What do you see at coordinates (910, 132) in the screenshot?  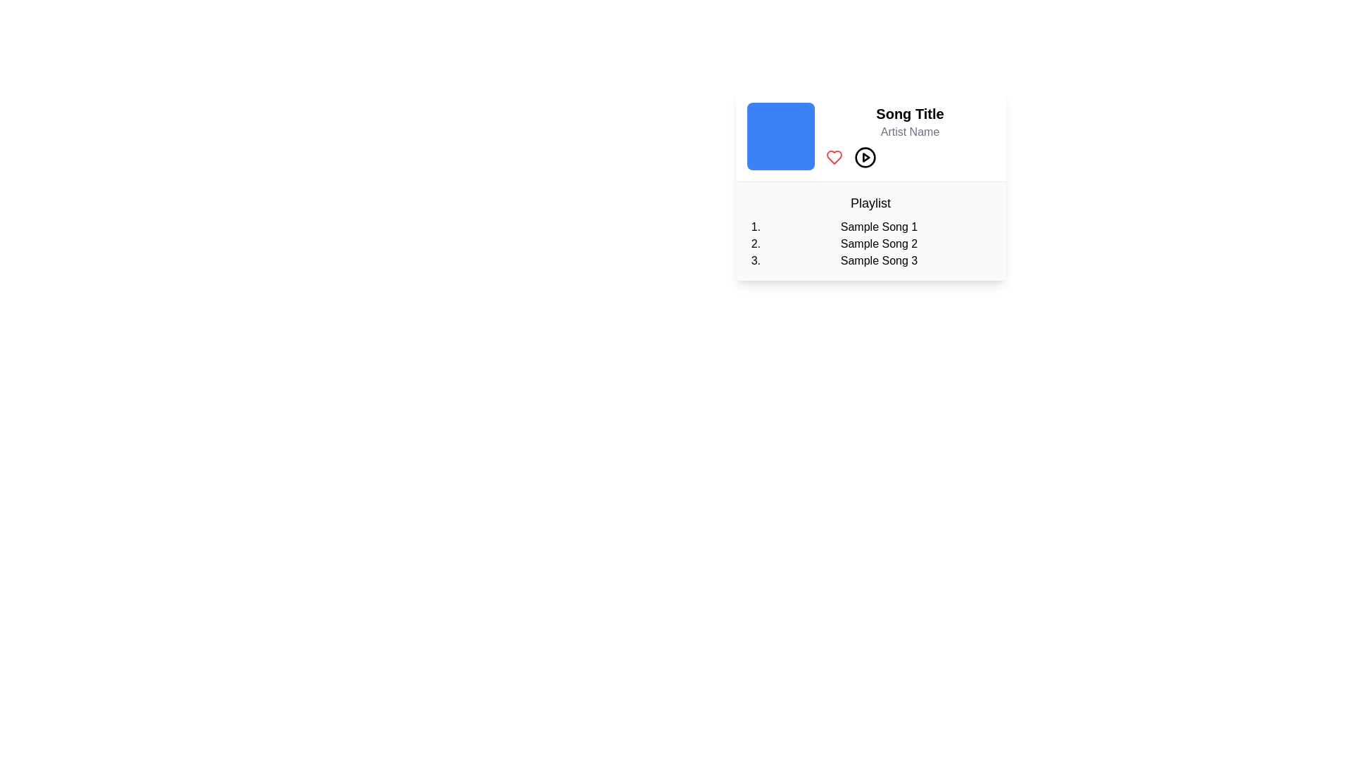 I see `the gray text element reading 'Artist Name', which is positioned beneath the bolded title 'Song Title' in the content card` at bounding box center [910, 132].